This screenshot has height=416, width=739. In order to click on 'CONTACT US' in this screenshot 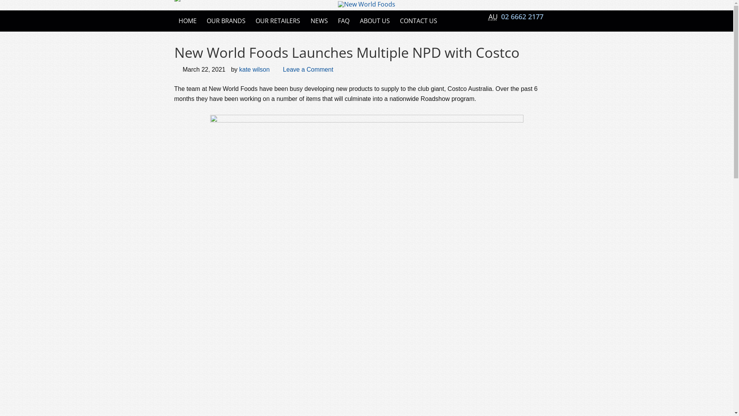, I will do `click(418, 20)`.